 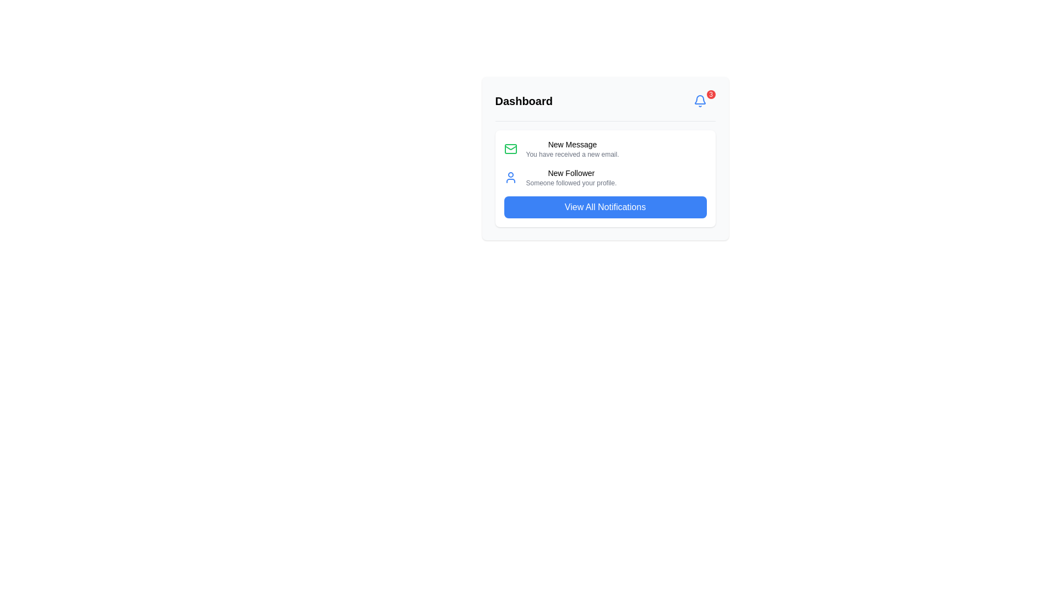 I want to click on the visual representation of the green envelope icon located within the 'New Message' notification card, positioned to the top-left of the text content, so click(x=510, y=148).